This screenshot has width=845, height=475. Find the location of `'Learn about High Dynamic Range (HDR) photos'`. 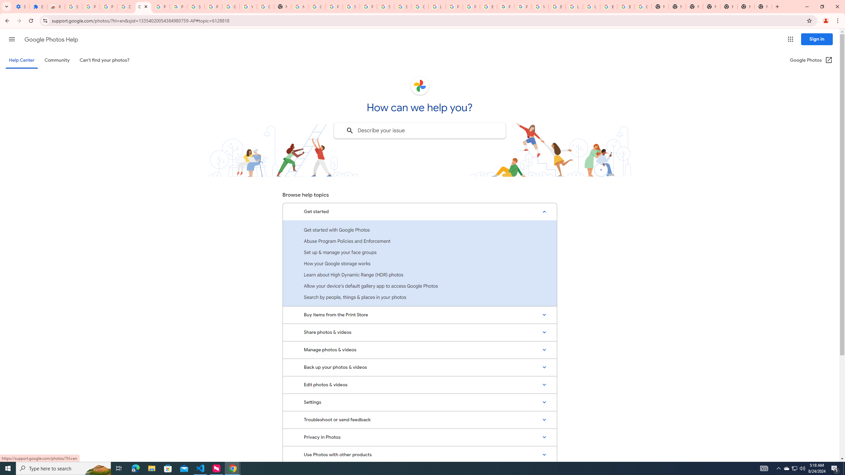

'Learn about High Dynamic Range (HDR) photos' is located at coordinates (420, 274).